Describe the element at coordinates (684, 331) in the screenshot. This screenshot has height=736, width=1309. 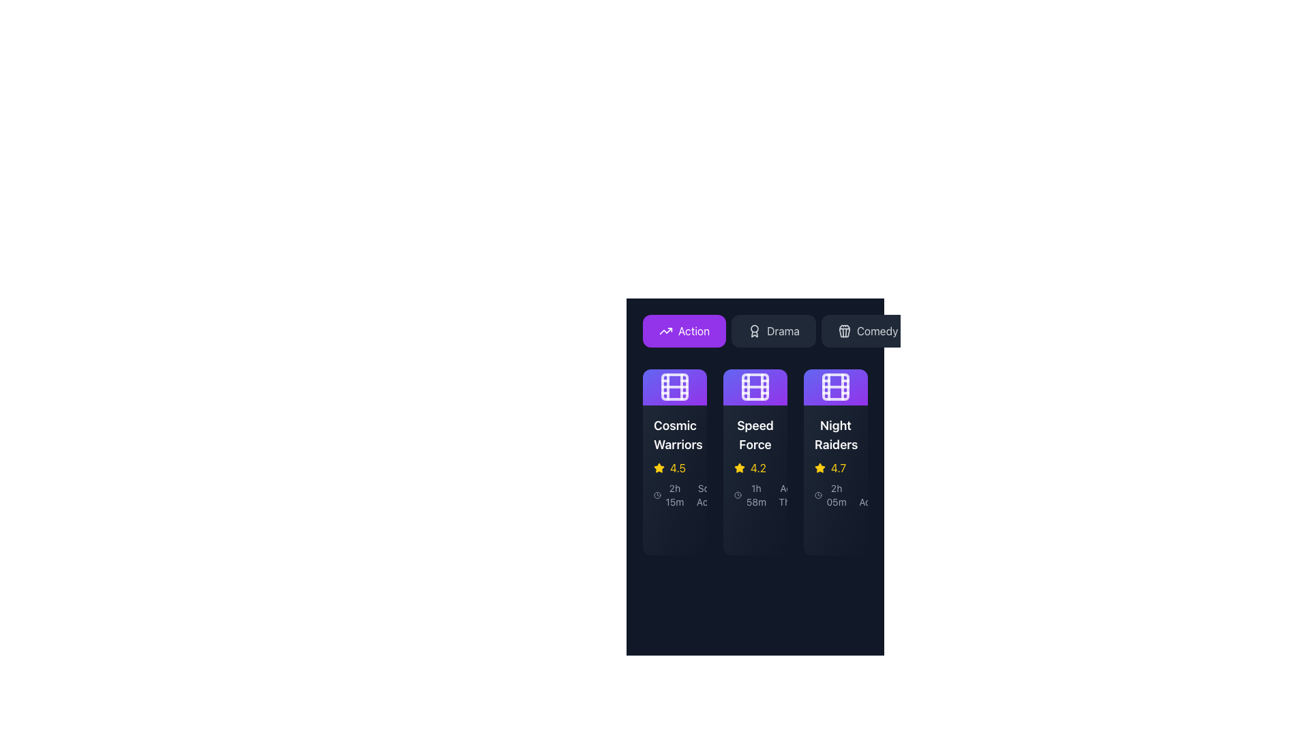
I see `the first button in the horizontal group at the top left of the interface, which has a purple background, rounded edges, an upward trend graph icon, and the label 'Action'` at that location.